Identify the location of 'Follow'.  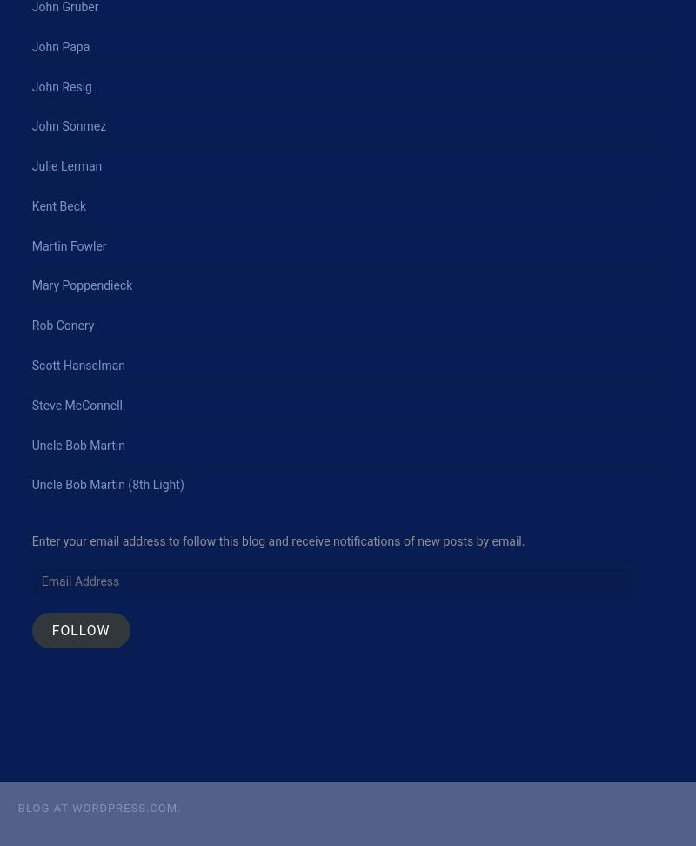
(50, 628).